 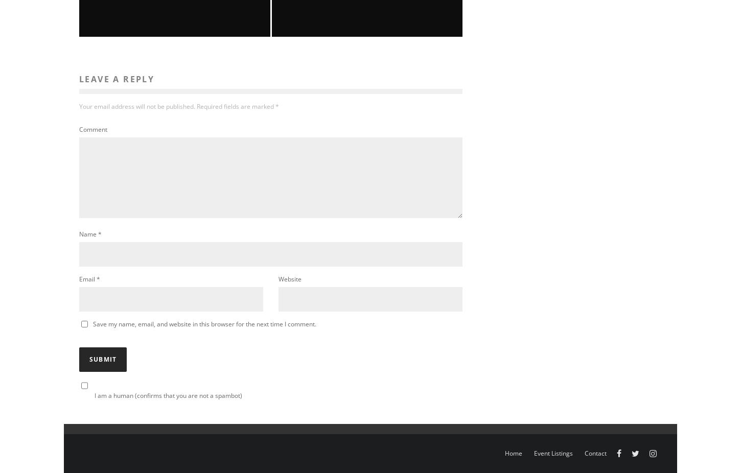 I want to click on 'Comment', so click(x=92, y=129).